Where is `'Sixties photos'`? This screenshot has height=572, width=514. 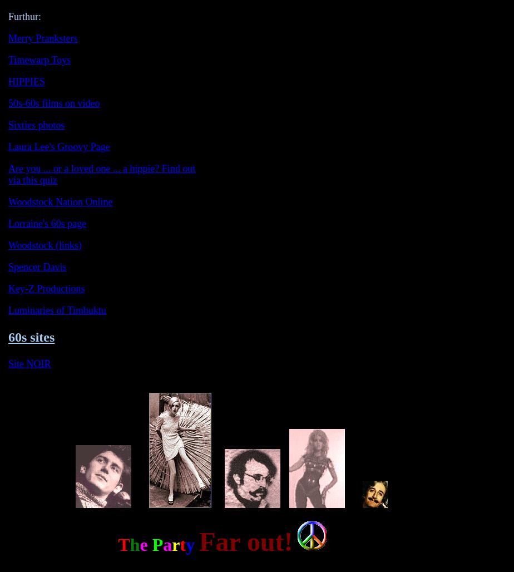 'Sixties photos' is located at coordinates (36, 125).